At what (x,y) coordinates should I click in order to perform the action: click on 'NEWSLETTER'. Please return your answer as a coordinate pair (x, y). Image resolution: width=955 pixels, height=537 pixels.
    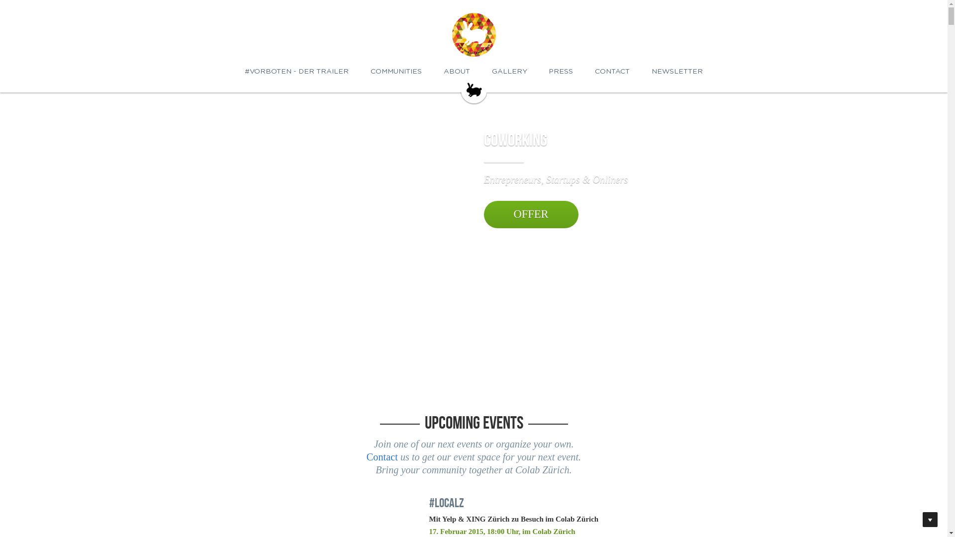
    Looking at the image, I should click on (652, 71).